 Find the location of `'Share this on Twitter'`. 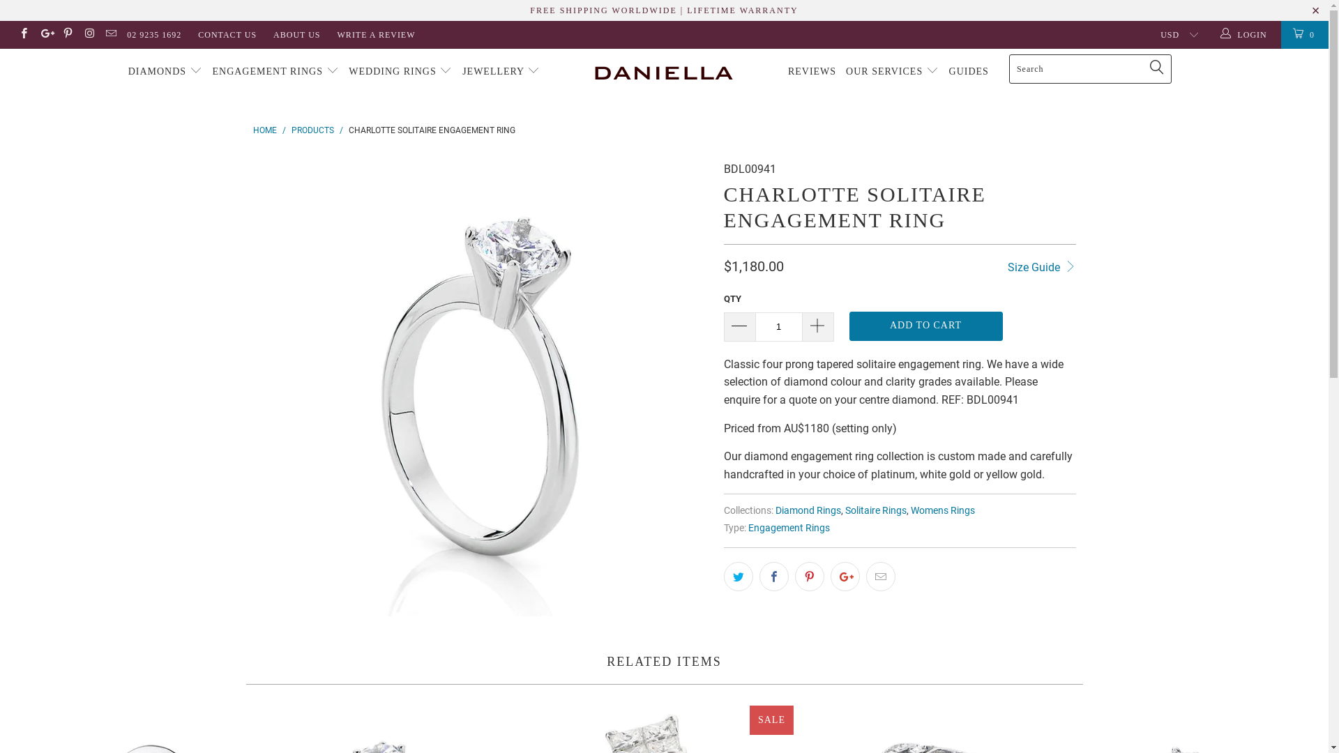

'Share this on Twitter' is located at coordinates (738, 576).